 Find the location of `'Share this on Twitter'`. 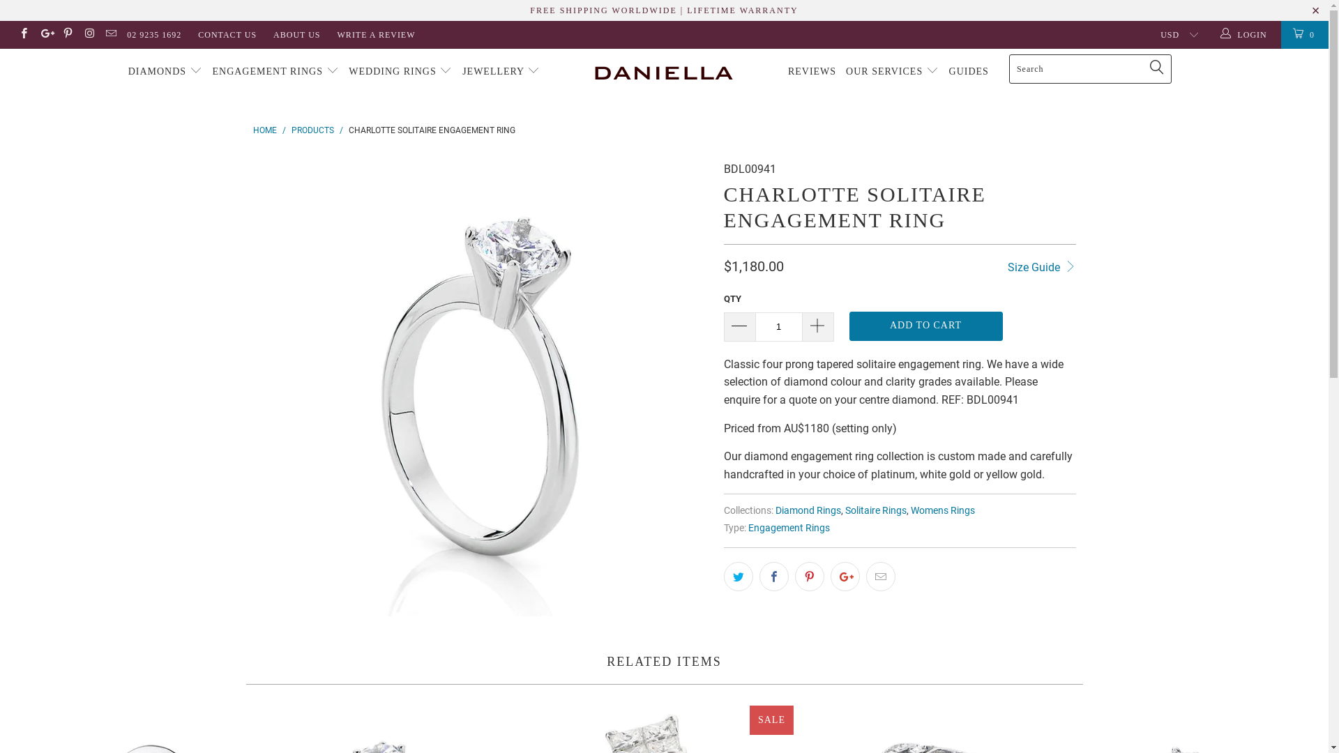

'Share this on Twitter' is located at coordinates (738, 576).